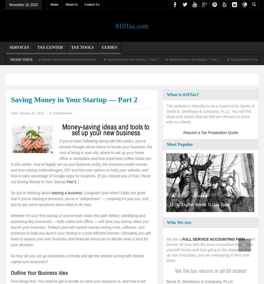 The image size is (264, 284). I want to click on 'Tax Tools', so click(82, 47).